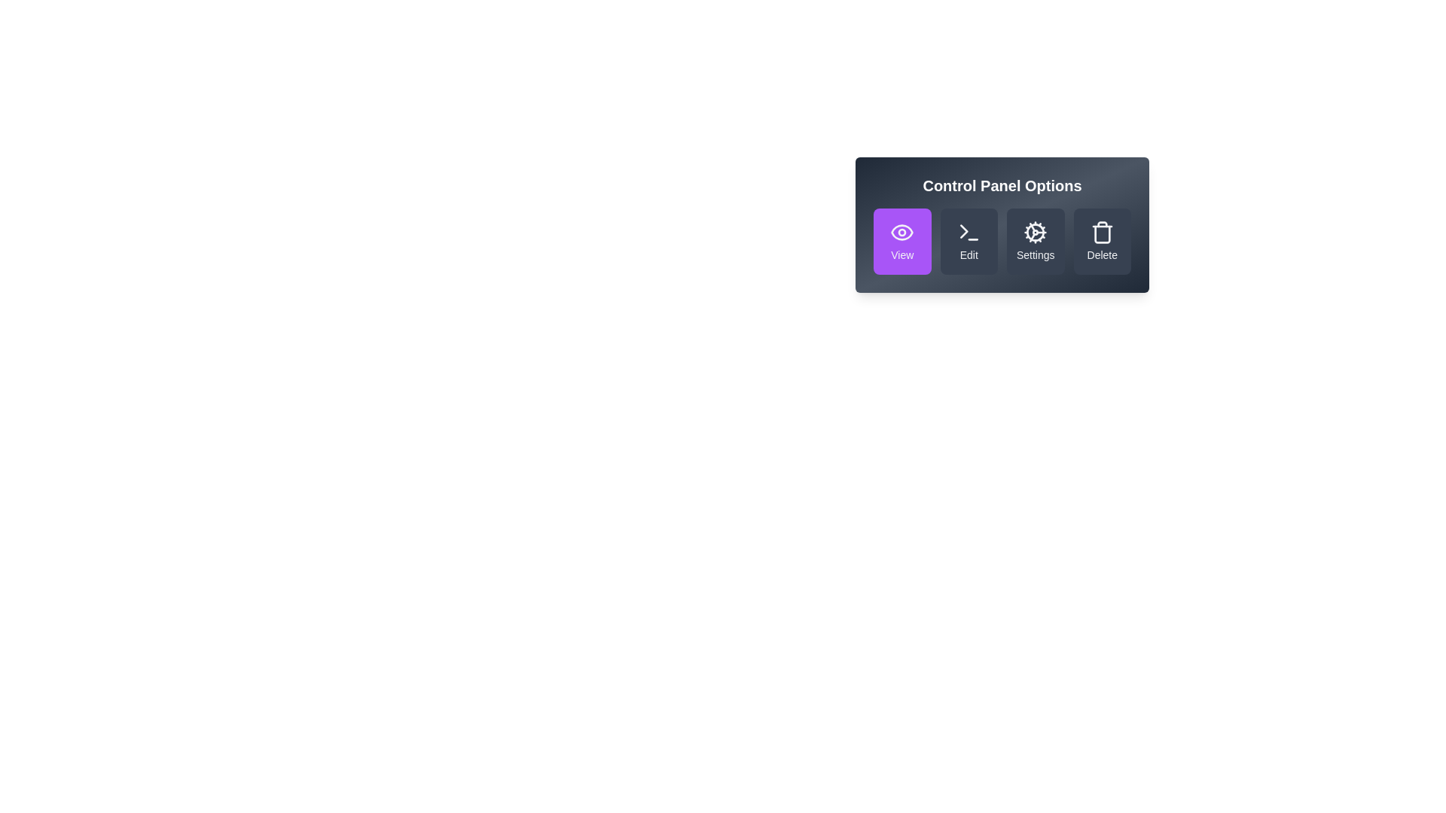 The width and height of the screenshot is (1446, 813). What do you see at coordinates (1035, 240) in the screenshot?
I see `the settings button located in the 'Control Panel Options' section, which is the third button in a sequence of four buttons, to change its appearance` at bounding box center [1035, 240].